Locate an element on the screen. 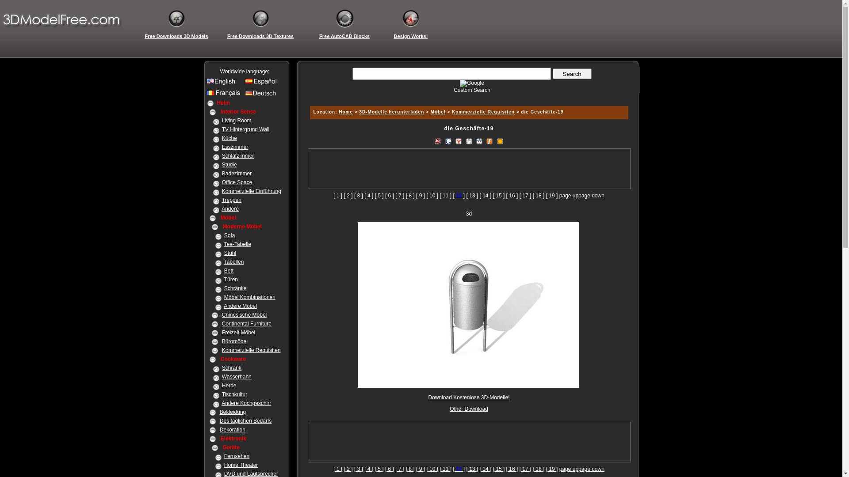 Image resolution: width=849 pixels, height=477 pixels. 'Elektronik' is located at coordinates (233, 438).